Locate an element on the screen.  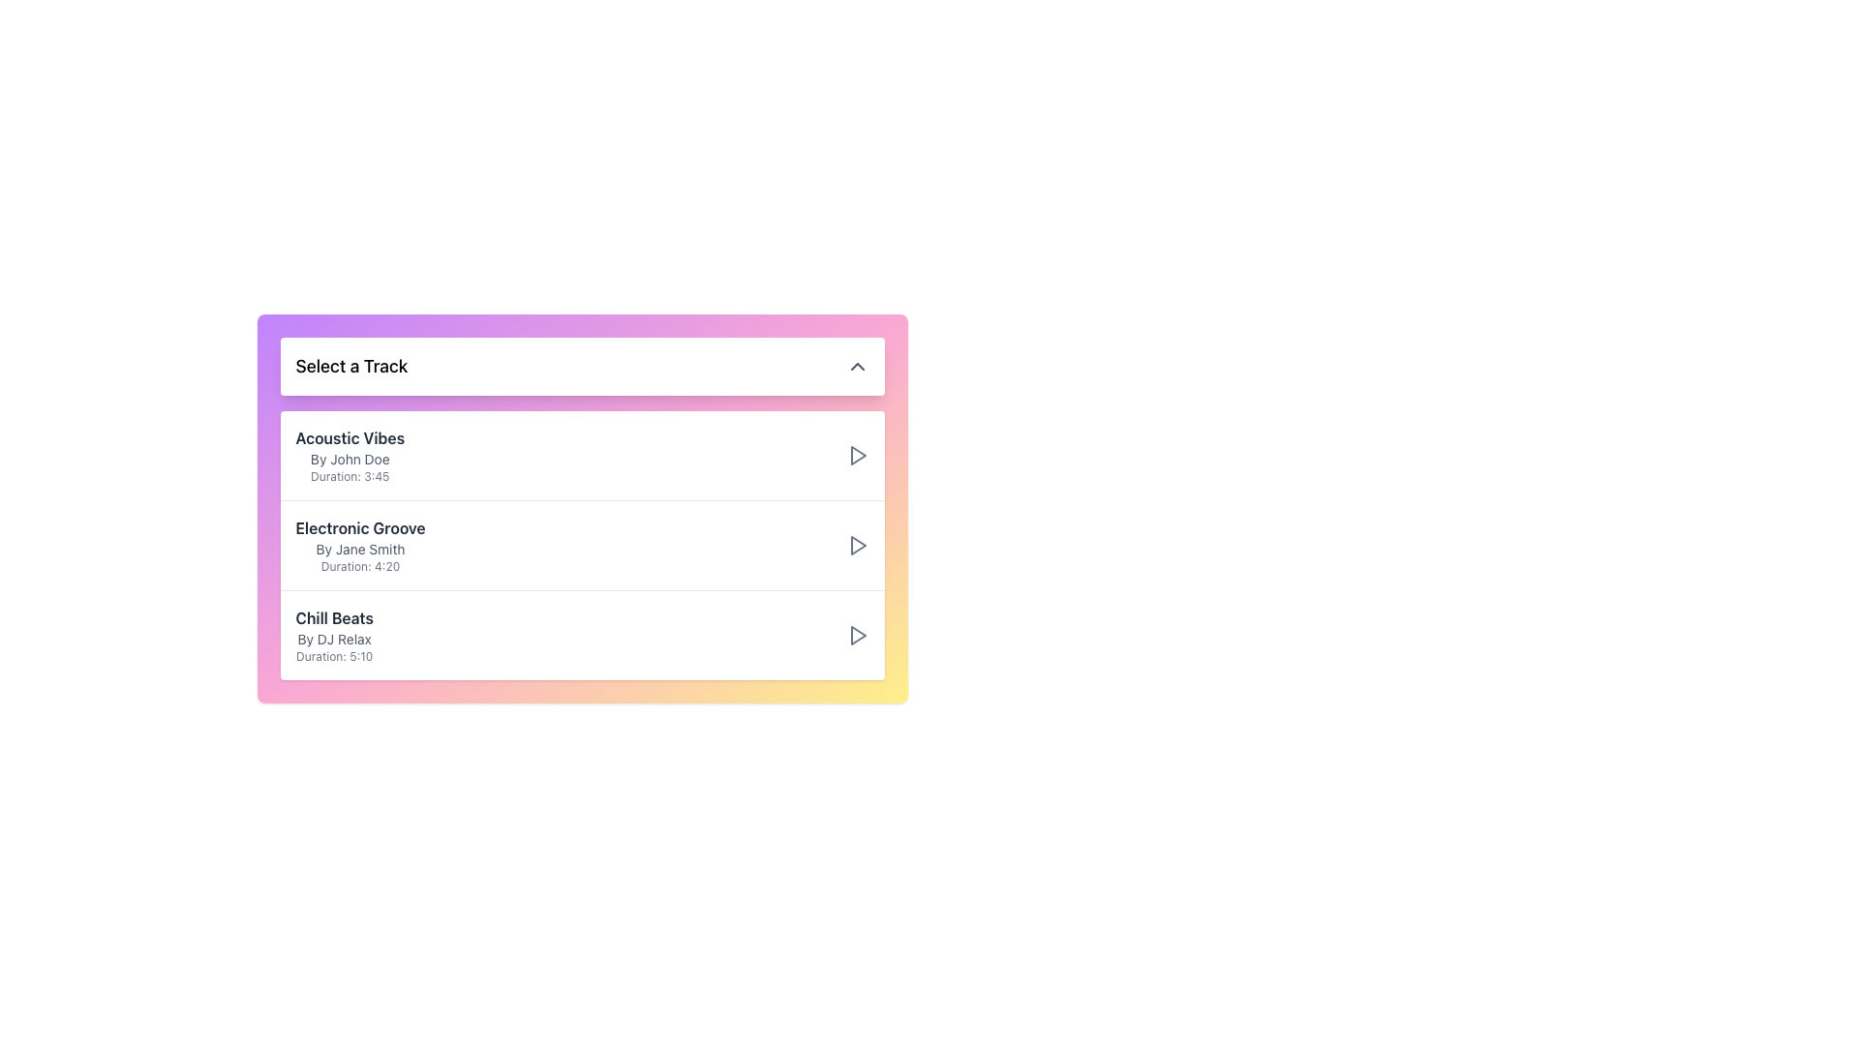
duration value displayed in the small text label showing 'Duration: 3:45', located below 'By John Doe' within the first list item card is located at coordinates (350, 477).